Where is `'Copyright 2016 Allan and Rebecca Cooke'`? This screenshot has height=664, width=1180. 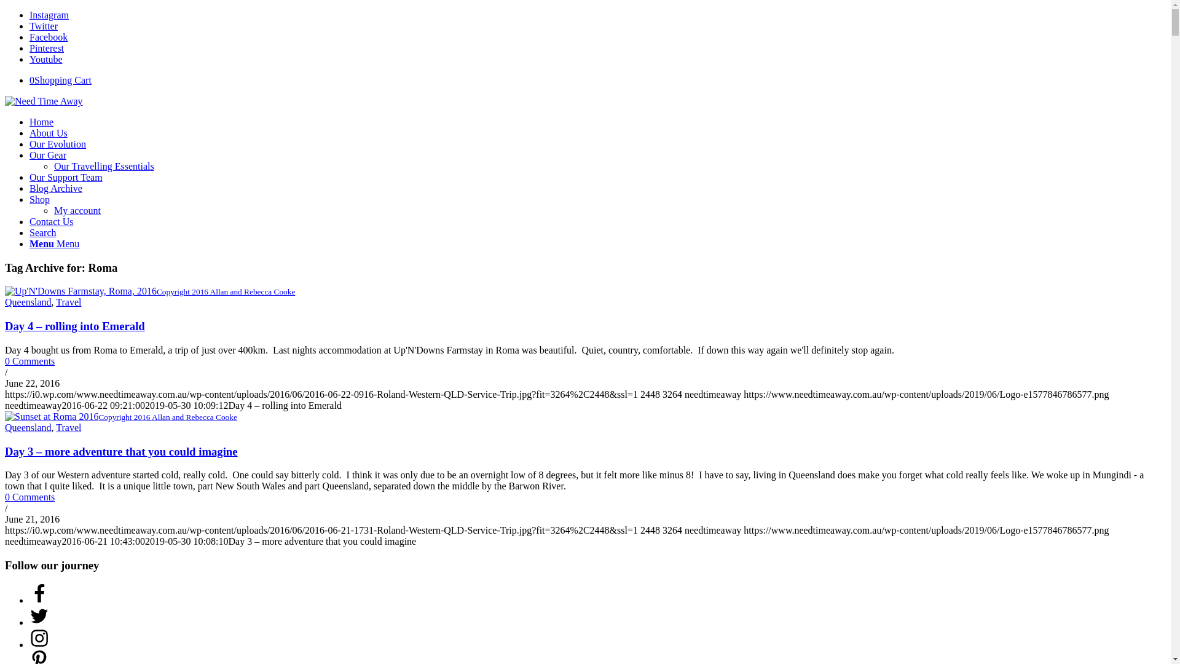 'Copyright 2016 Allan and Rebecca Cooke' is located at coordinates (120, 416).